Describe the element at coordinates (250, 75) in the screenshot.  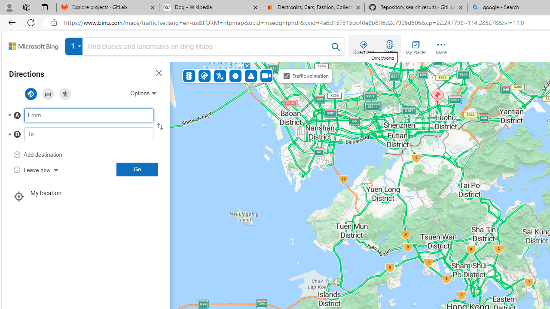
I see `'Miscellaneous incidents'` at that location.